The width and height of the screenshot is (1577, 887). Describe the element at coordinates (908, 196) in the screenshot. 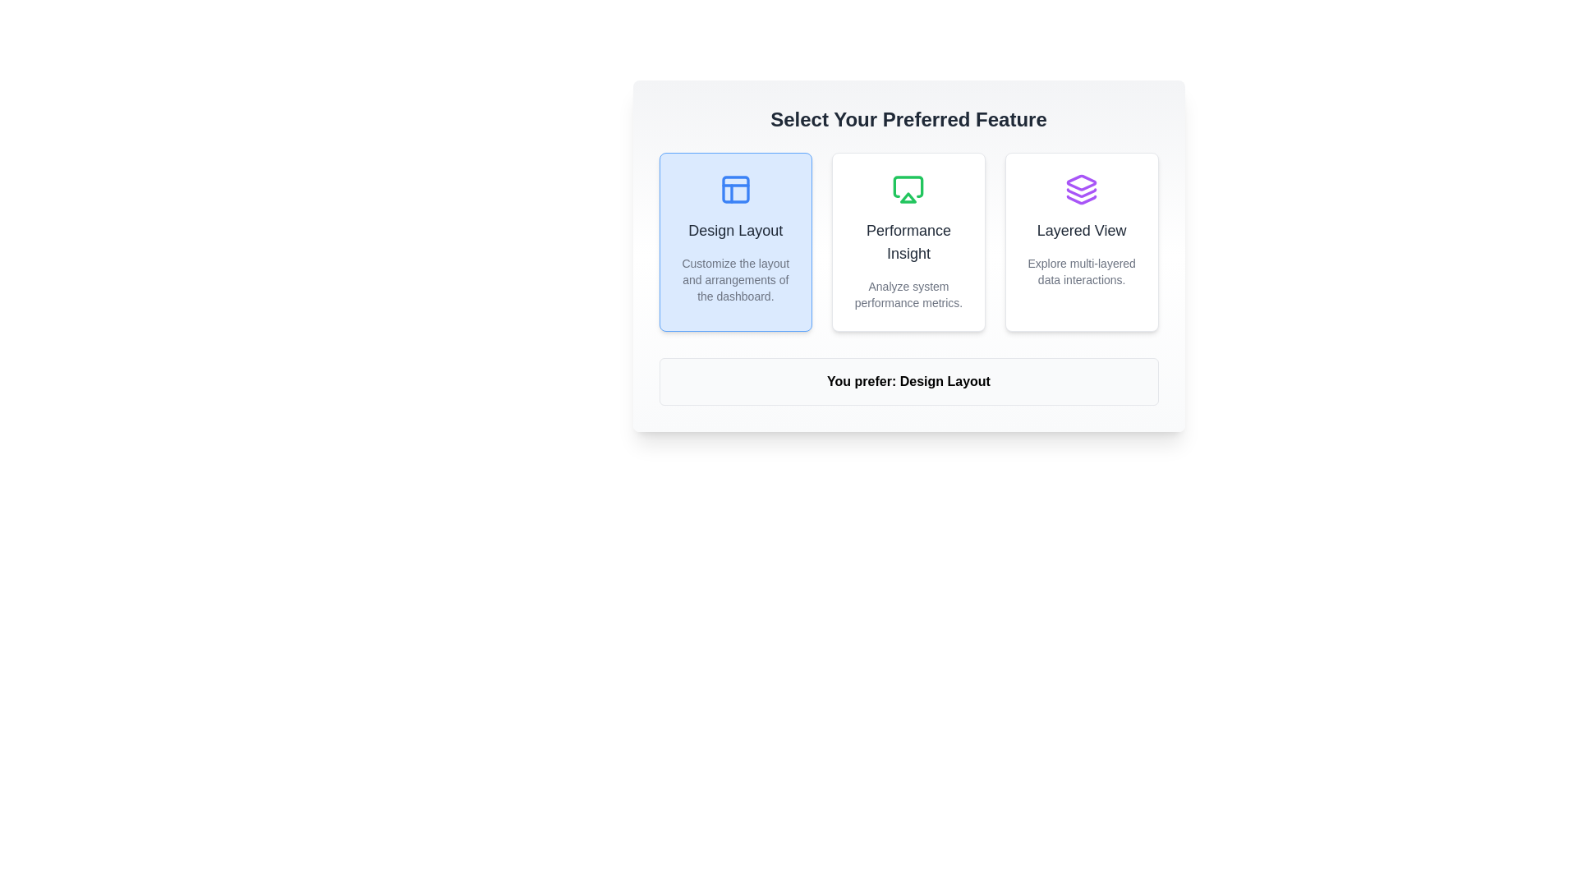

I see `the 'Performance Insight' icon, which is an SVG graphic located under a green-themed heading, situated between other similar icon options` at that location.